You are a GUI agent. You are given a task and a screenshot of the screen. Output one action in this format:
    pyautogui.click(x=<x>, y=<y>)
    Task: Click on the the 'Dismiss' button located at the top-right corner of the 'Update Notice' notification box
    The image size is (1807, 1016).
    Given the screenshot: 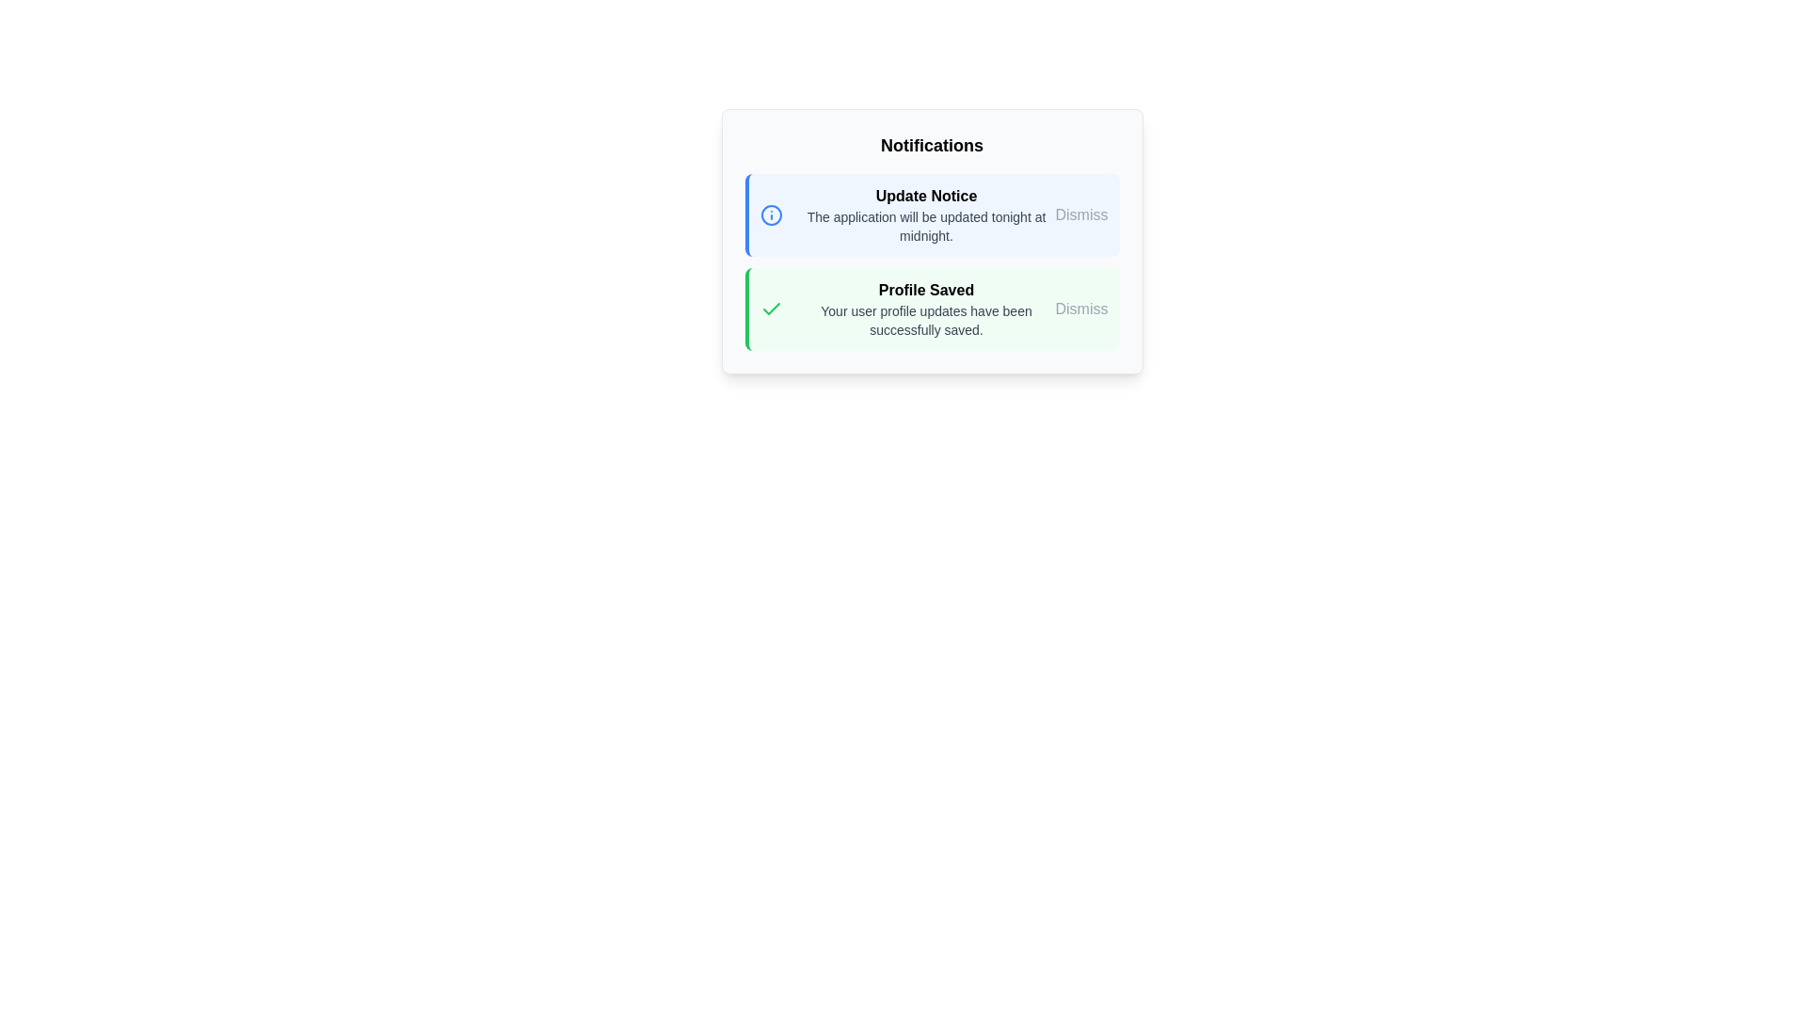 What is the action you would take?
    pyautogui.click(x=1081, y=214)
    